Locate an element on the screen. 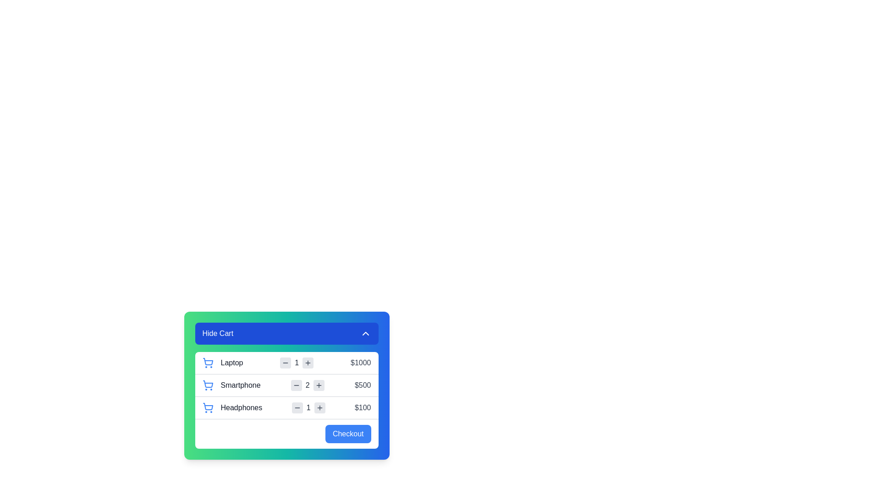 This screenshot has width=880, height=495. the label displaying 'Smartphone' in the shopping cart, which includes a shopping cart icon and is positioned as the second item in the list is located at coordinates (231, 385).